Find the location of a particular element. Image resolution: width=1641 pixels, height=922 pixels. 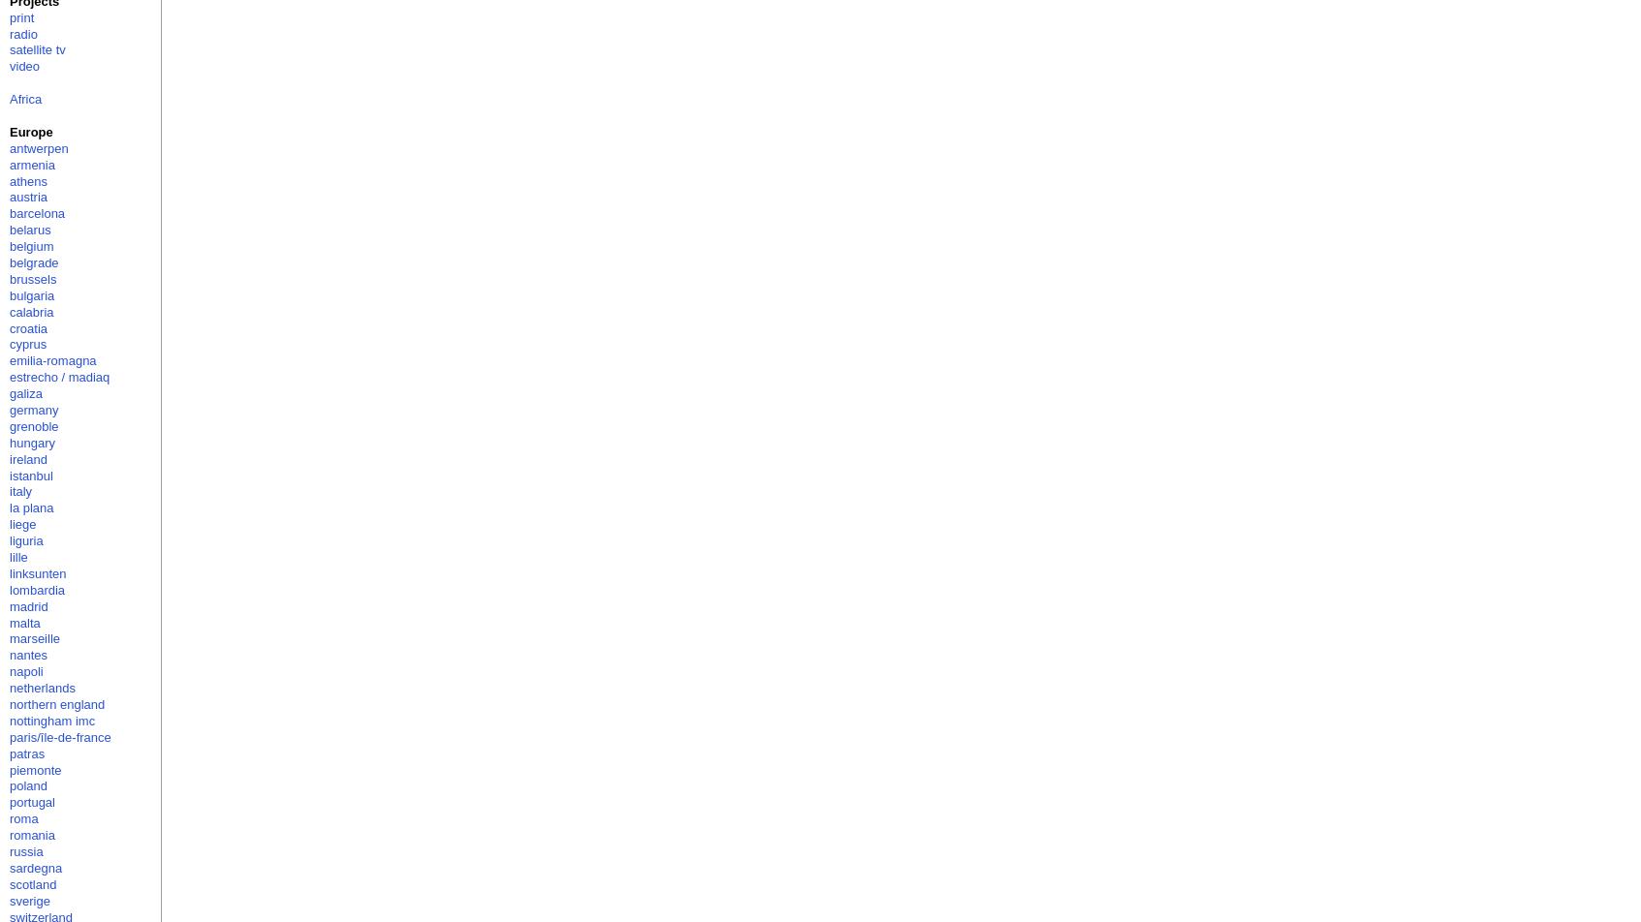

'belarus' is located at coordinates (28, 230).